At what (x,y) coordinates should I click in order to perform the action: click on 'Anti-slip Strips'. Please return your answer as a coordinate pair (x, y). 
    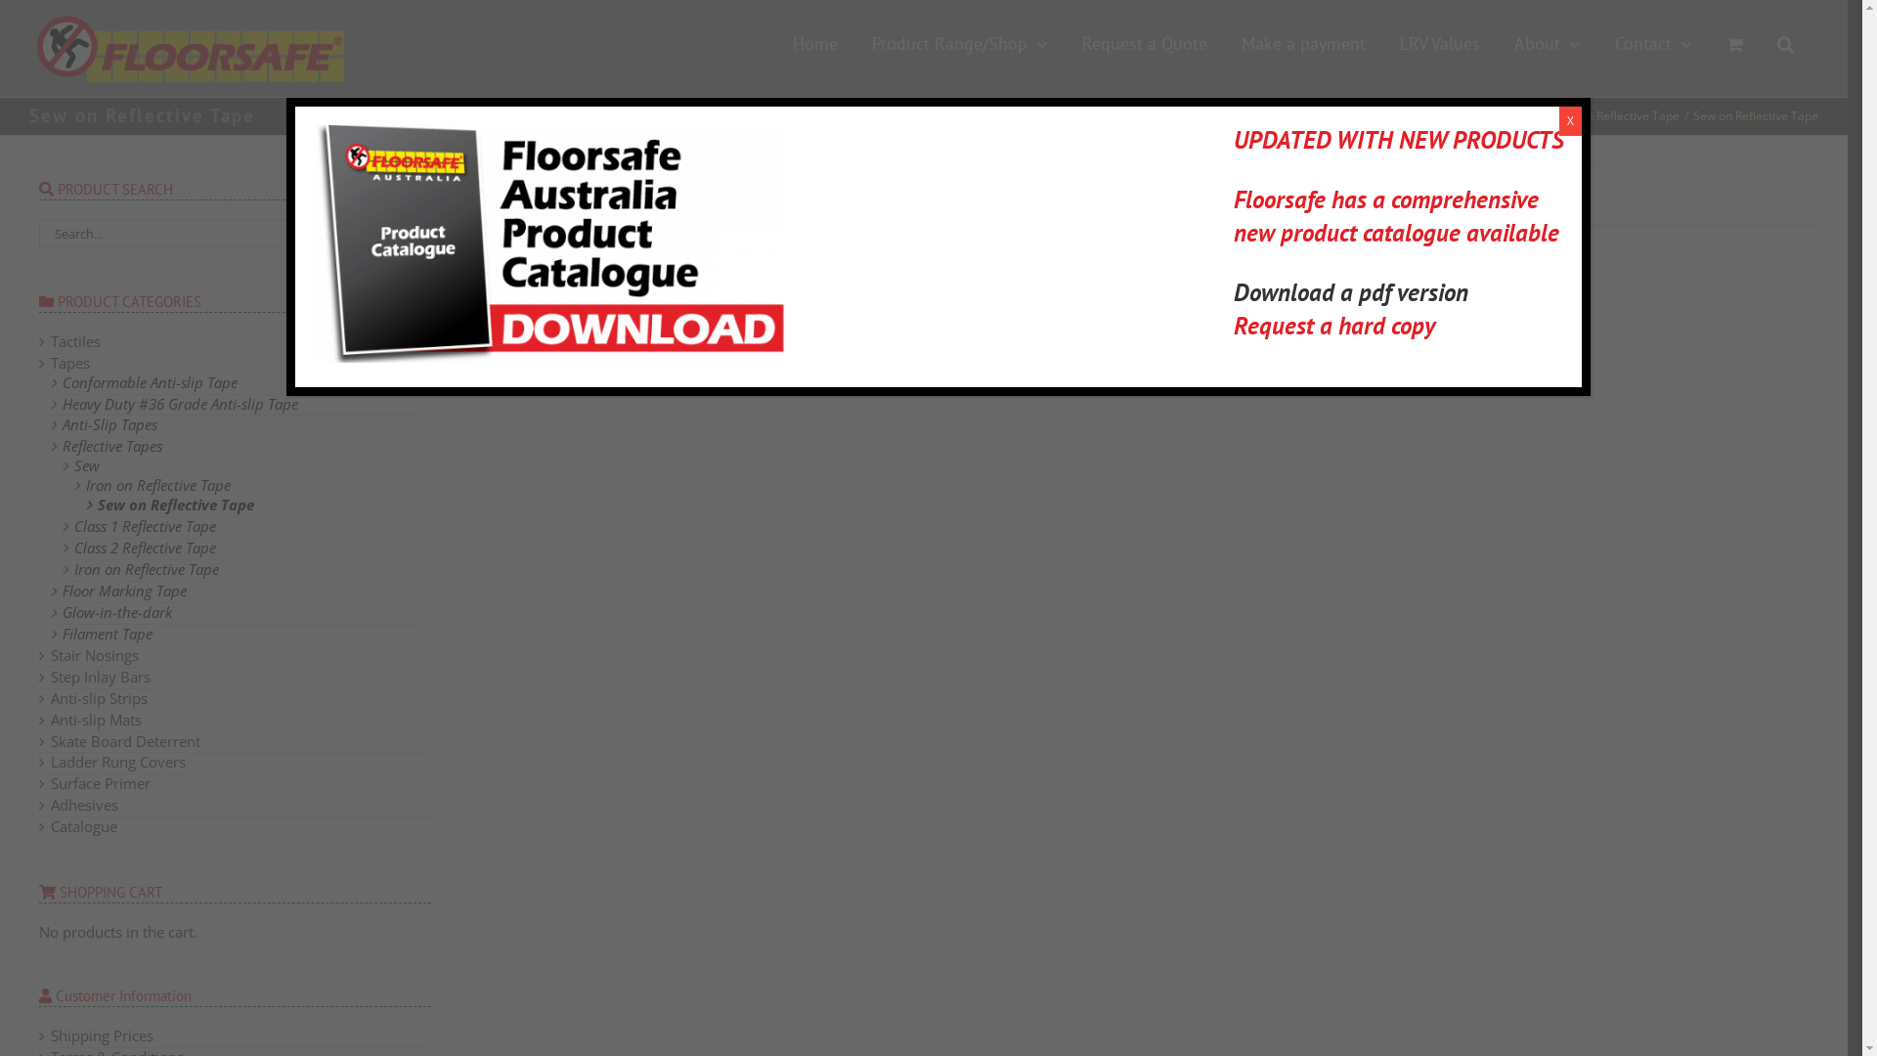
    Looking at the image, I should click on (98, 696).